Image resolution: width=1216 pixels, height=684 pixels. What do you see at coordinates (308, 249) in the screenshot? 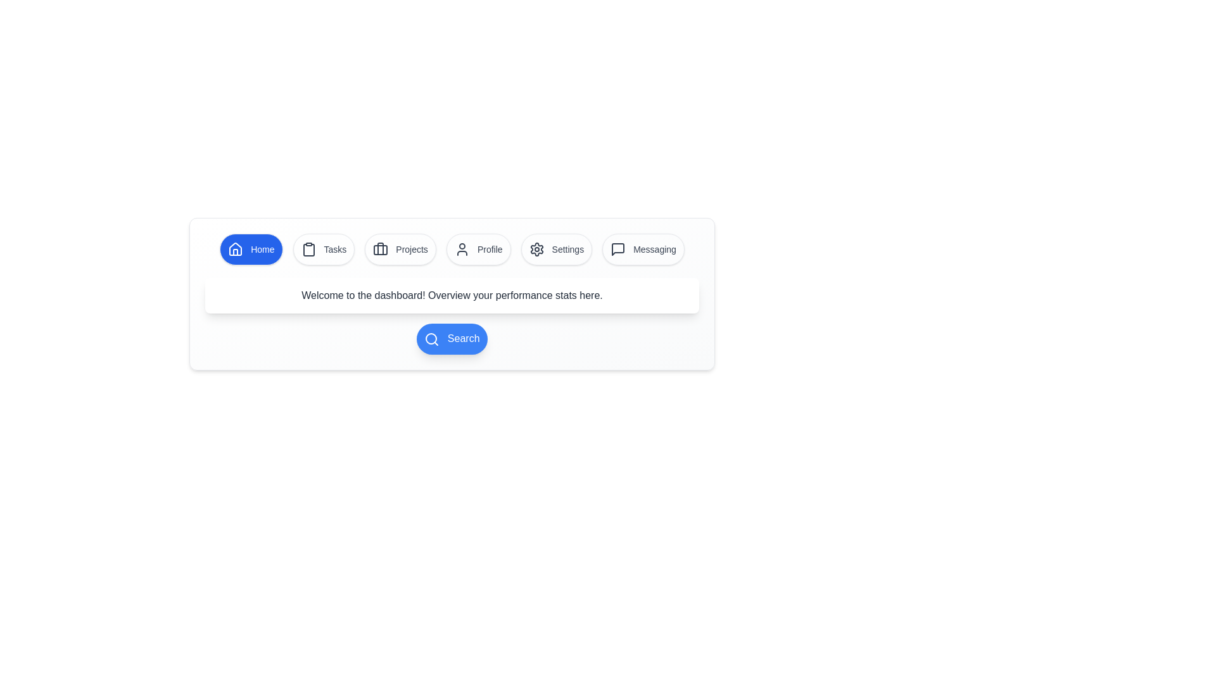
I see `the clipboard icon within the 'Tasks' button on the navigation bar` at bounding box center [308, 249].